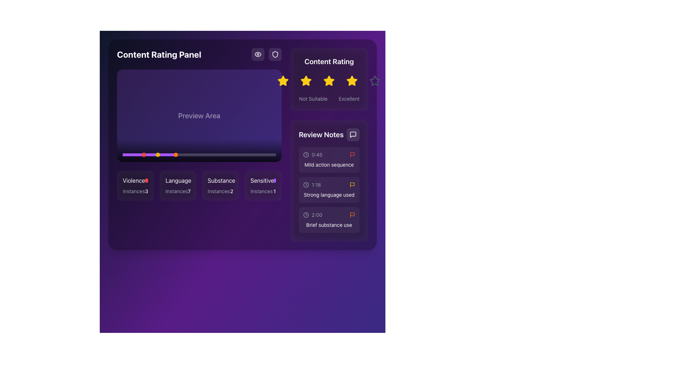 This screenshot has height=387, width=689. What do you see at coordinates (178, 180) in the screenshot?
I see `the 'Language' text label, which is displayed in white font on a dark purple background, positioned second from the left in the lower middle section of the interface` at bounding box center [178, 180].